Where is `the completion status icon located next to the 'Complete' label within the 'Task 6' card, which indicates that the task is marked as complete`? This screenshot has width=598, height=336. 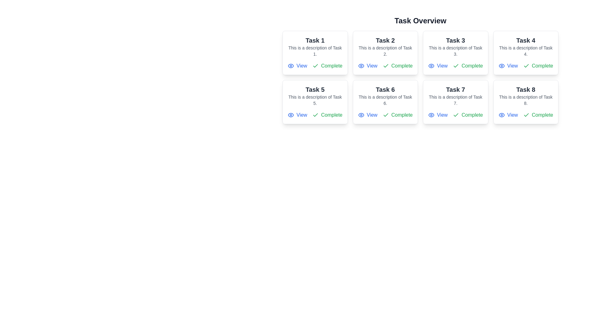 the completion status icon located next to the 'Complete' label within the 'Task 6' card, which indicates that the task is marked as complete is located at coordinates (385, 115).